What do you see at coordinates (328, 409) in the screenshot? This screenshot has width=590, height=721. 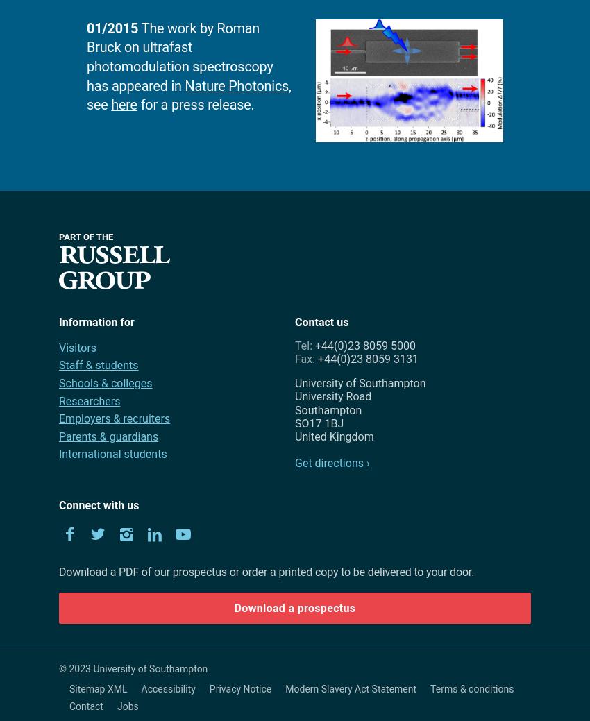 I see `'Southampton'` at bounding box center [328, 409].